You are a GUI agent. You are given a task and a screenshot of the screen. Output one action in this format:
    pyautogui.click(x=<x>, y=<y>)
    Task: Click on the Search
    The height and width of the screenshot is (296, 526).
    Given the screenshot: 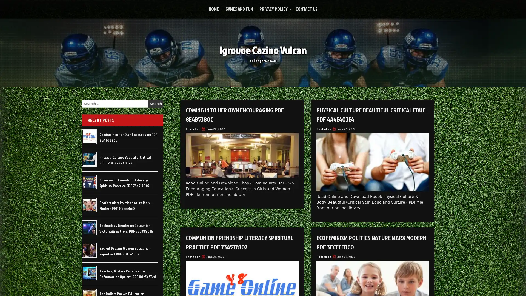 What is the action you would take?
    pyautogui.click(x=156, y=104)
    